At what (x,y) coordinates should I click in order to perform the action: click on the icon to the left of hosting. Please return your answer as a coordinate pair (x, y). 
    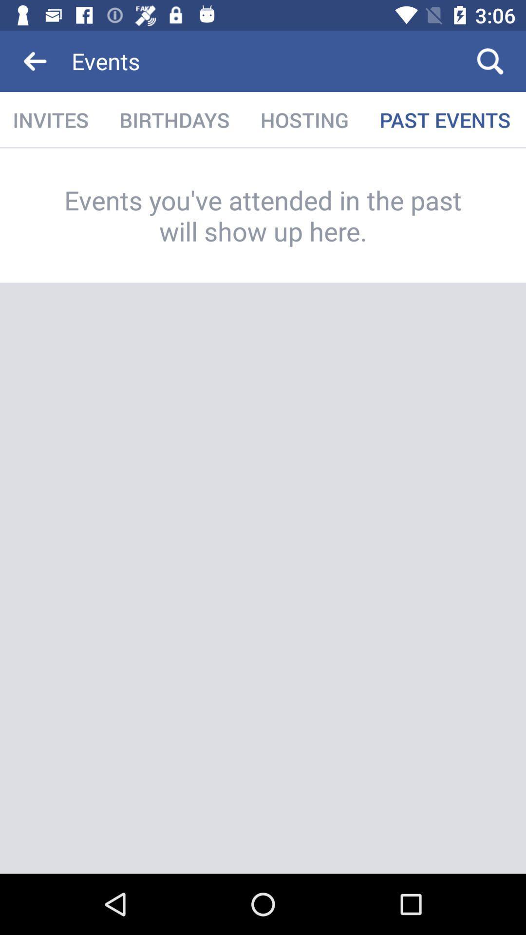
    Looking at the image, I should click on (174, 119).